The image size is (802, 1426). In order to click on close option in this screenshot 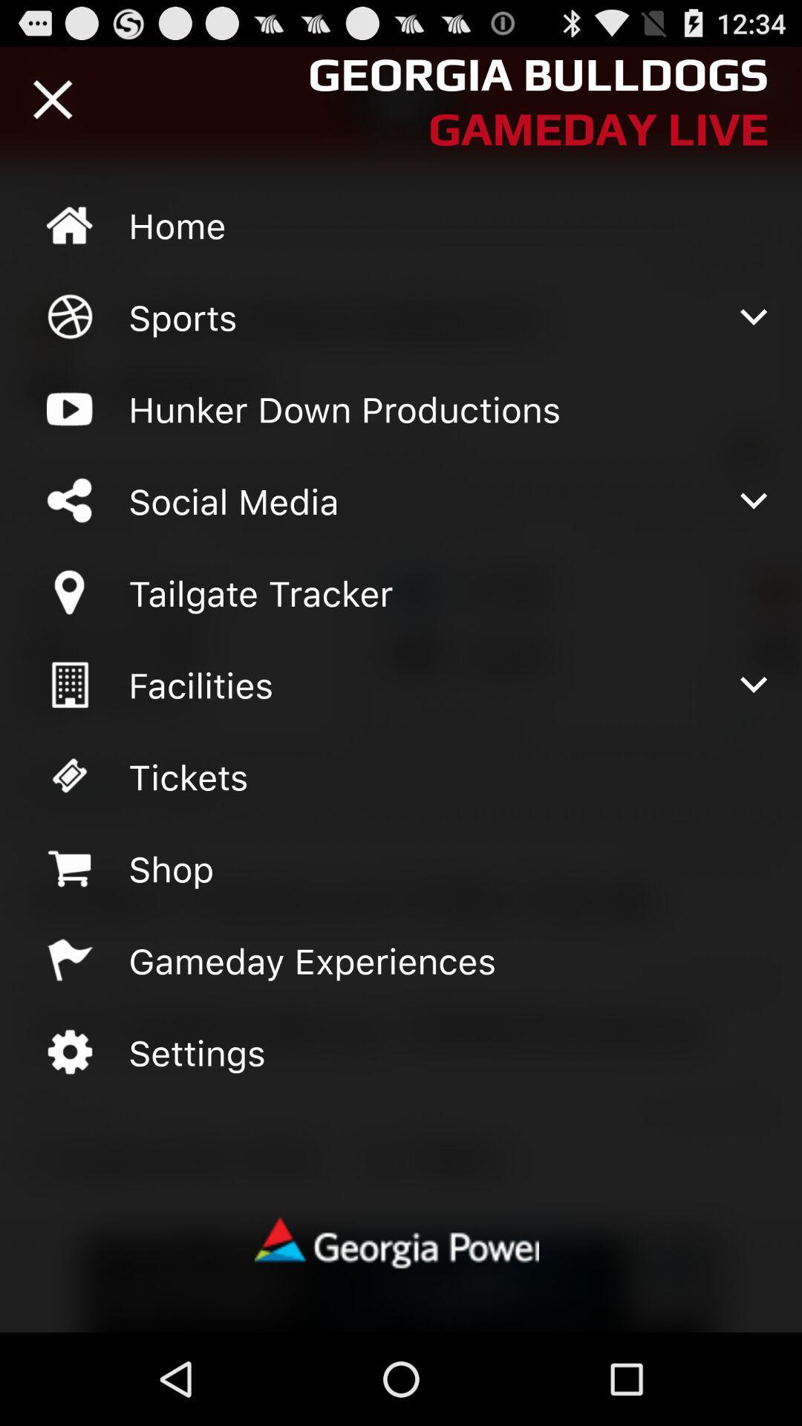, I will do `click(52, 99)`.